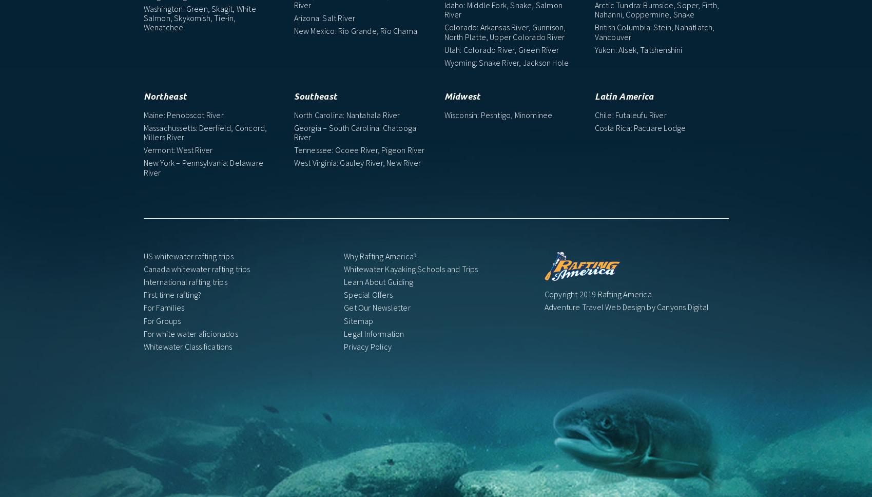 The height and width of the screenshot is (497, 872). What do you see at coordinates (626, 306) in the screenshot?
I see `'Adventure Travel Web Design by Canyons Digital'` at bounding box center [626, 306].